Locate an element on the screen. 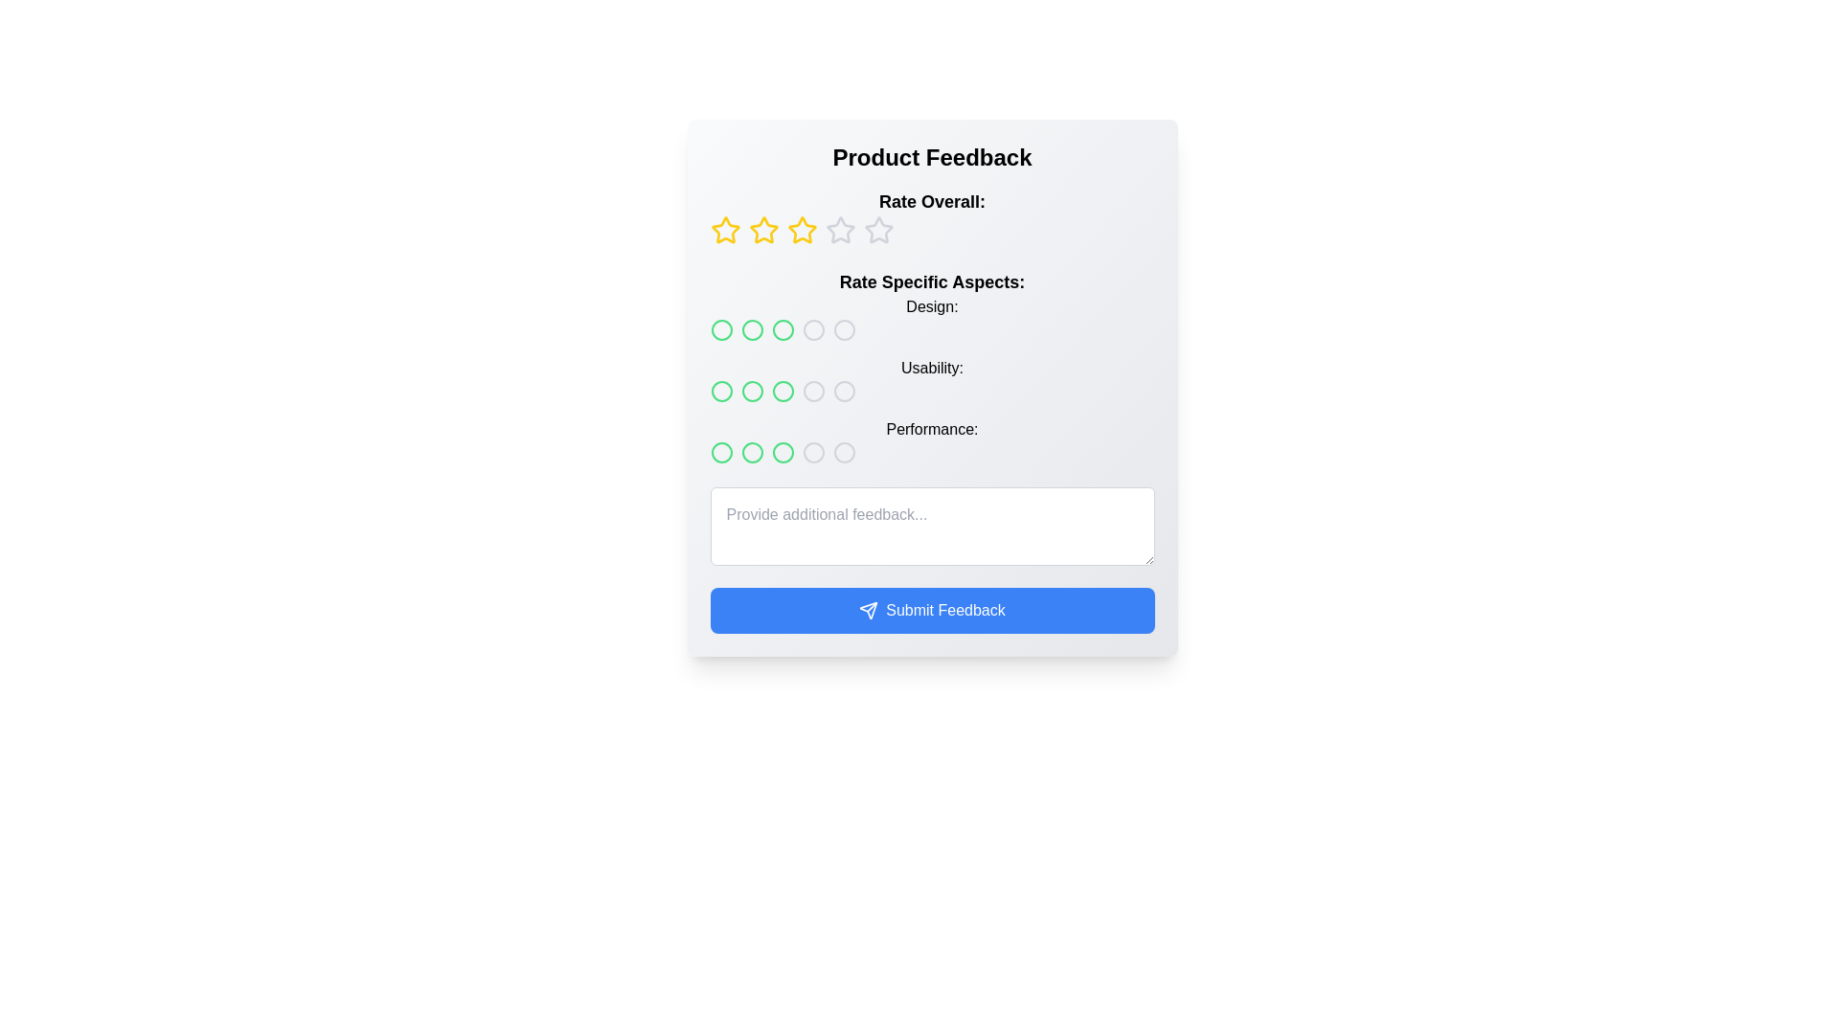 This screenshot has height=1034, width=1839. the second star icon from the left in the 'Rate Overall' section of the feedback form is located at coordinates (762, 229).